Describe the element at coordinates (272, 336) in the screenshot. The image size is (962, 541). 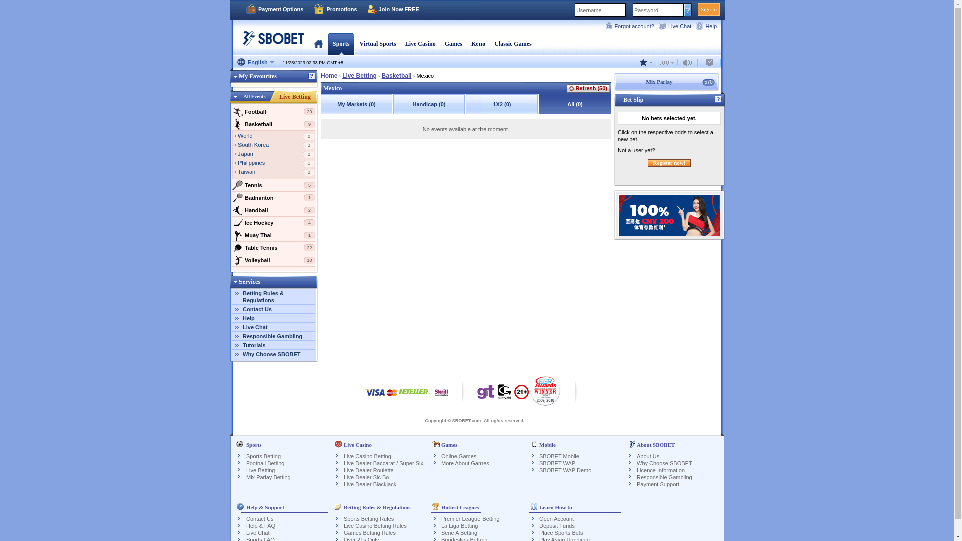
I see `'Responsible Gambling'` at that location.